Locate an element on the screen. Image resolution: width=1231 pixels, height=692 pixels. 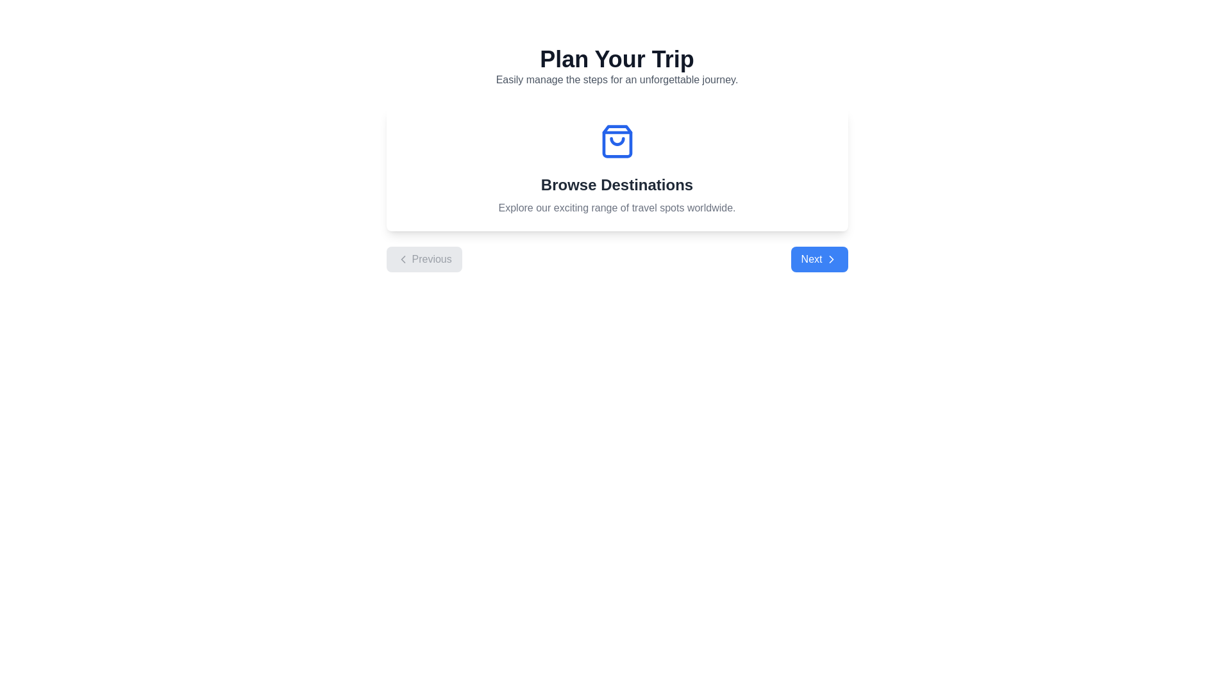
the text label that reads 'Explore our exciting range of travel spots worldwide.' which is styled in light gray and located below the title 'Browse Destinations.' is located at coordinates (617, 207).